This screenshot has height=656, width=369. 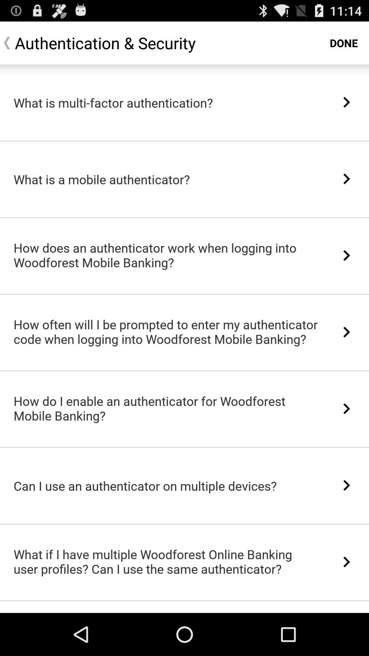 I want to click on the item above what if i, so click(x=184, y=524).